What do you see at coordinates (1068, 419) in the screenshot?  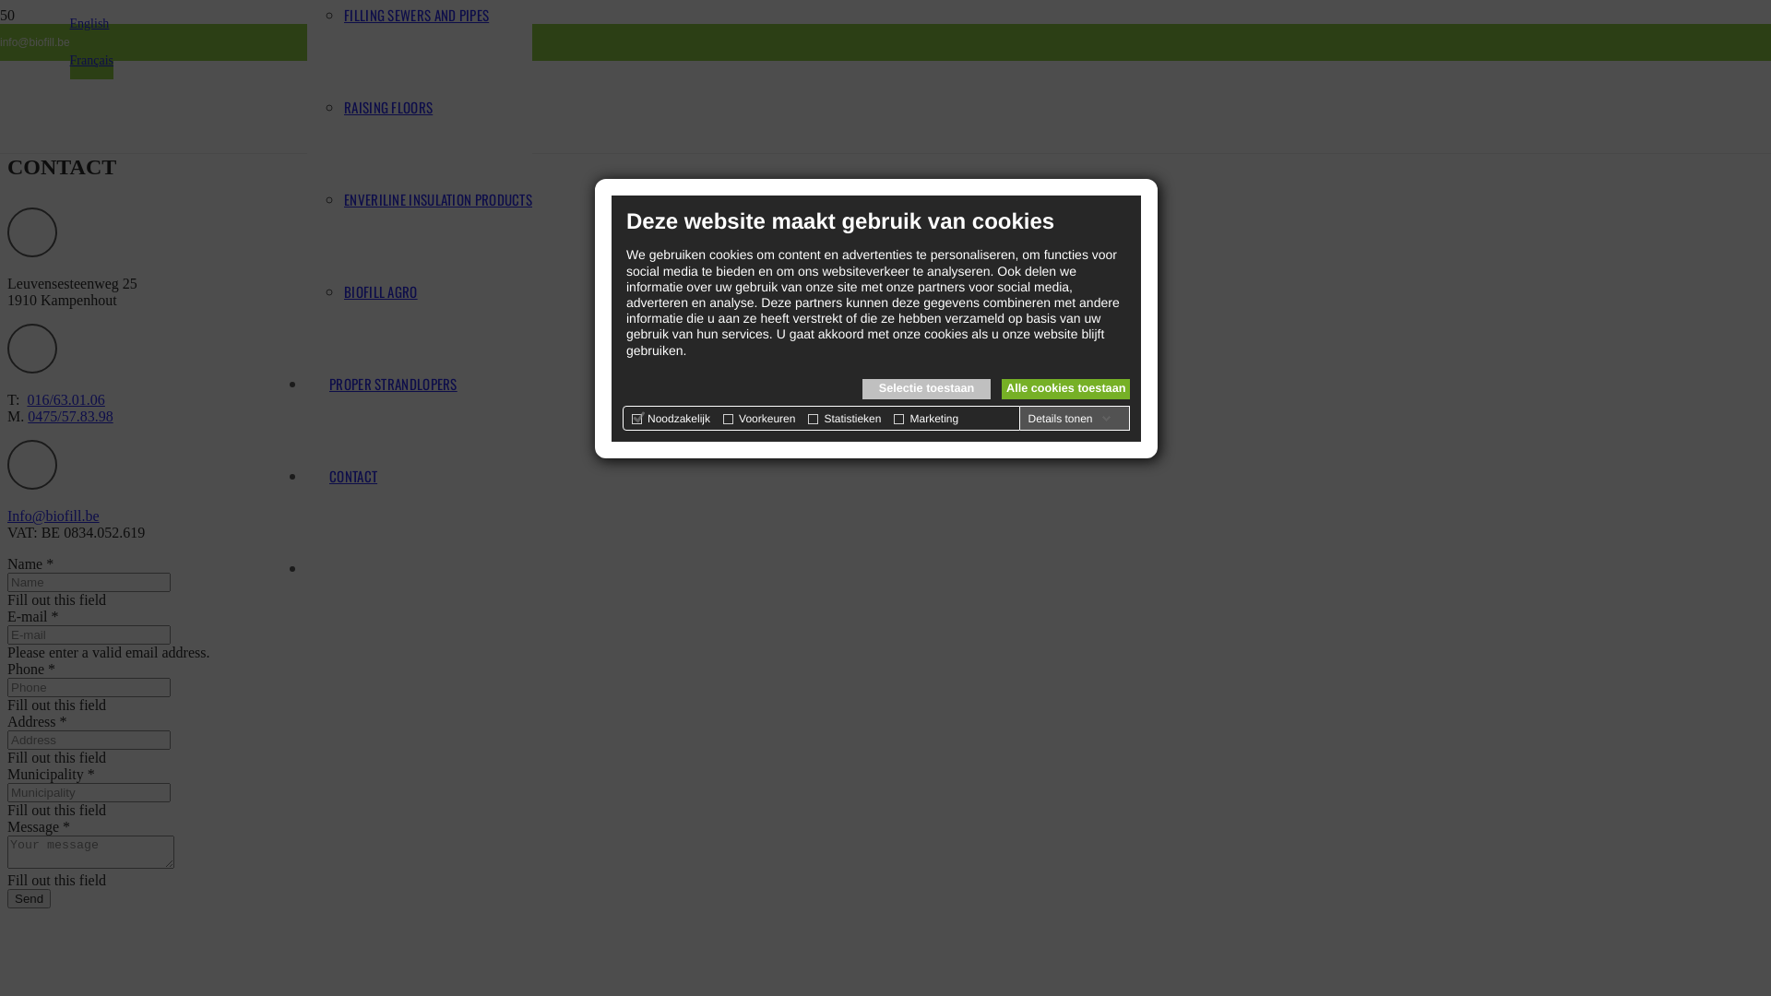 I see `'Details tonen'` at bounding box center [1068, 419].